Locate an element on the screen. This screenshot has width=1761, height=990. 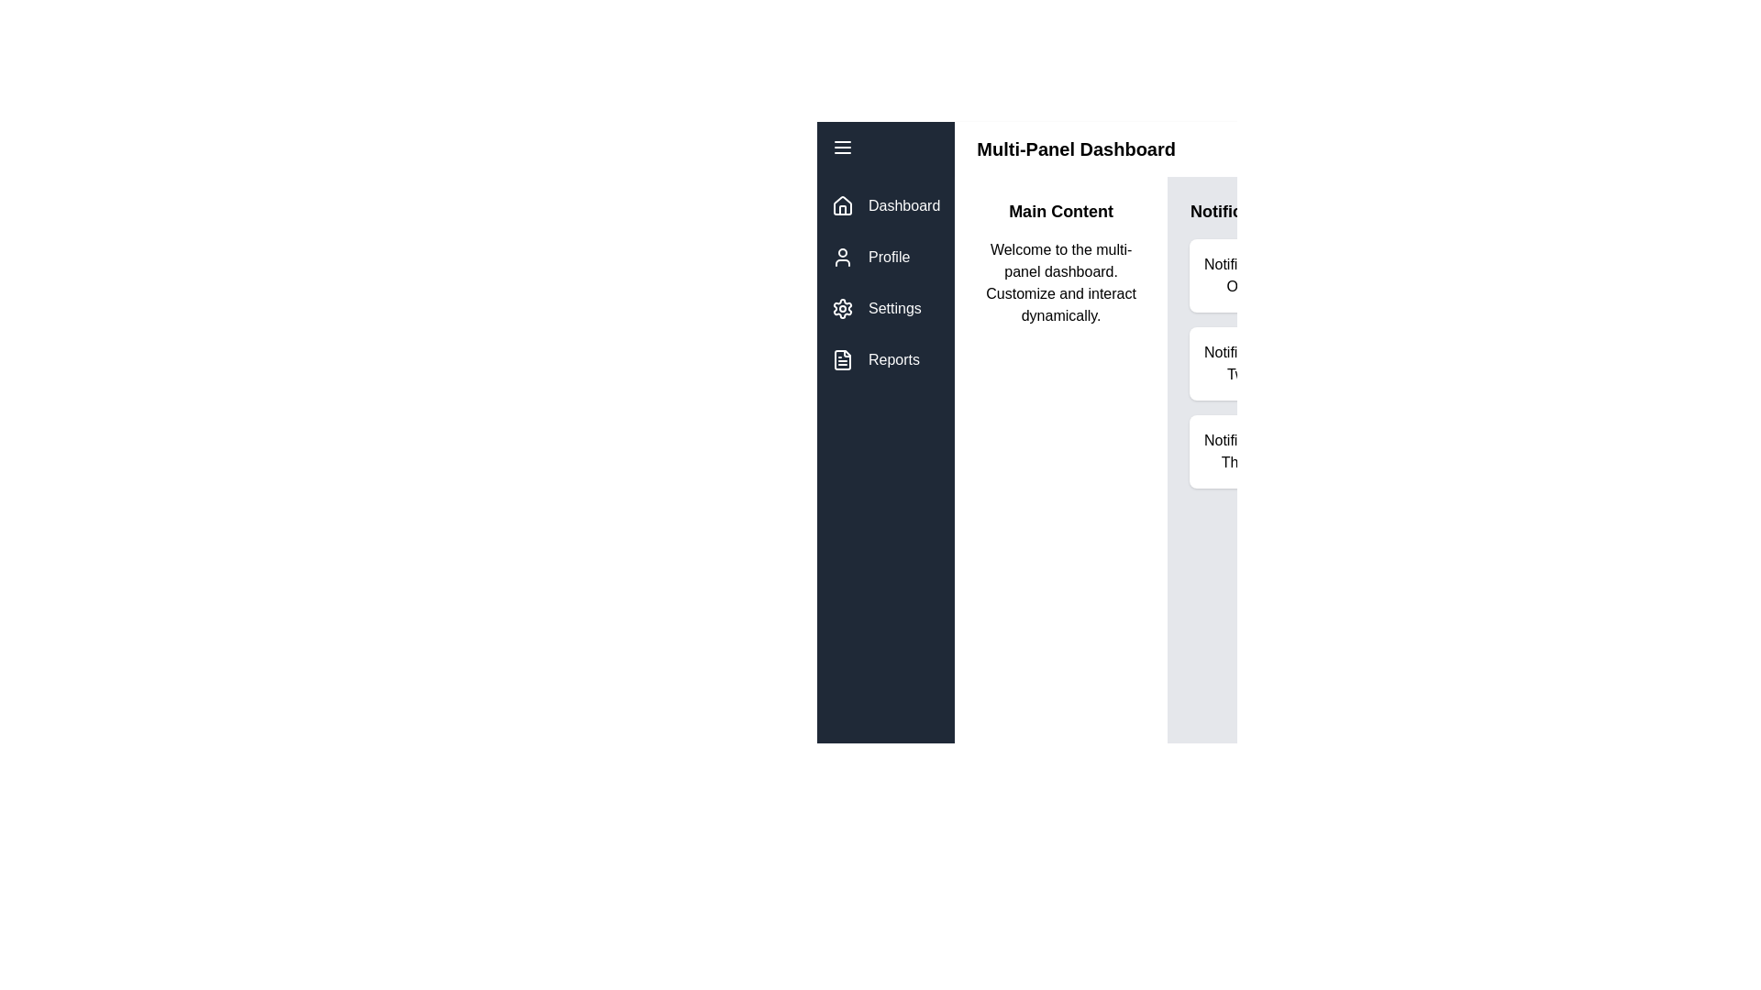
the text label displaying 'Reports' in white, located in the dark blue sidebar, which is aligned with an icon as the last entry in the vertical navigation bar is located at coordinates (893, 360).